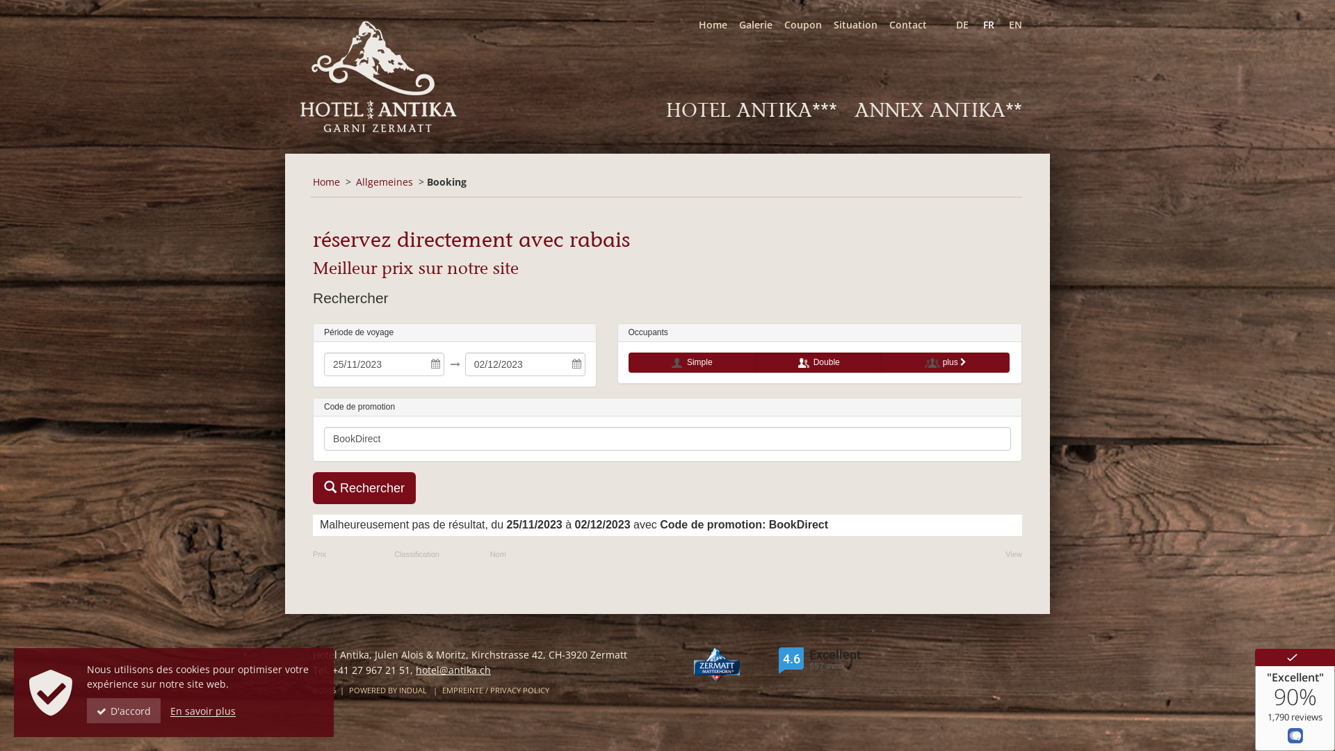 This screenshot has width=1335, height=751. Describe the element at coordinates (821, 24) in the screenshot. I see `'Situation'` at that location.